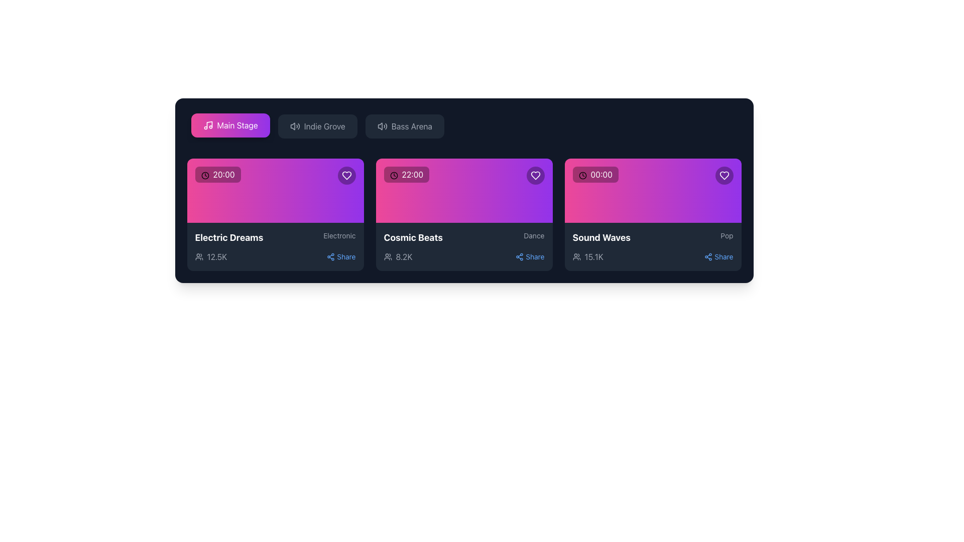 The image size is (964, 542). Describe the element at coordinates (413, 238) in the screenshot. I see `the static text label that identifies the event in the center of the second event card, which is positioned below the time information and above additional event details` at that location.